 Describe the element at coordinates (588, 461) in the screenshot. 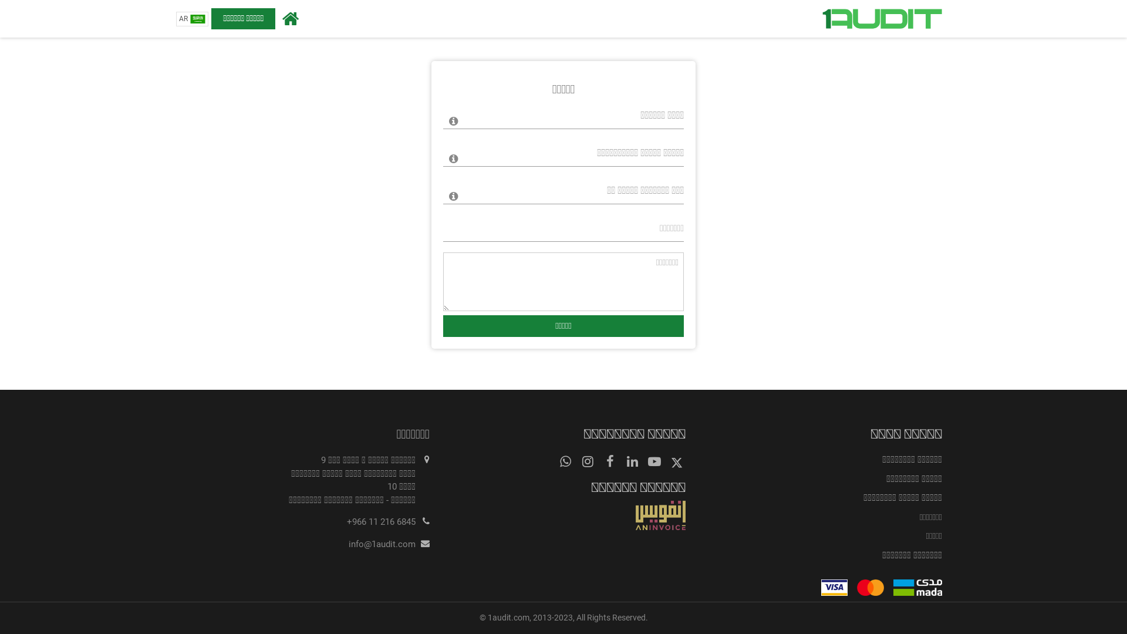

I see `'Instagram'` at that location.